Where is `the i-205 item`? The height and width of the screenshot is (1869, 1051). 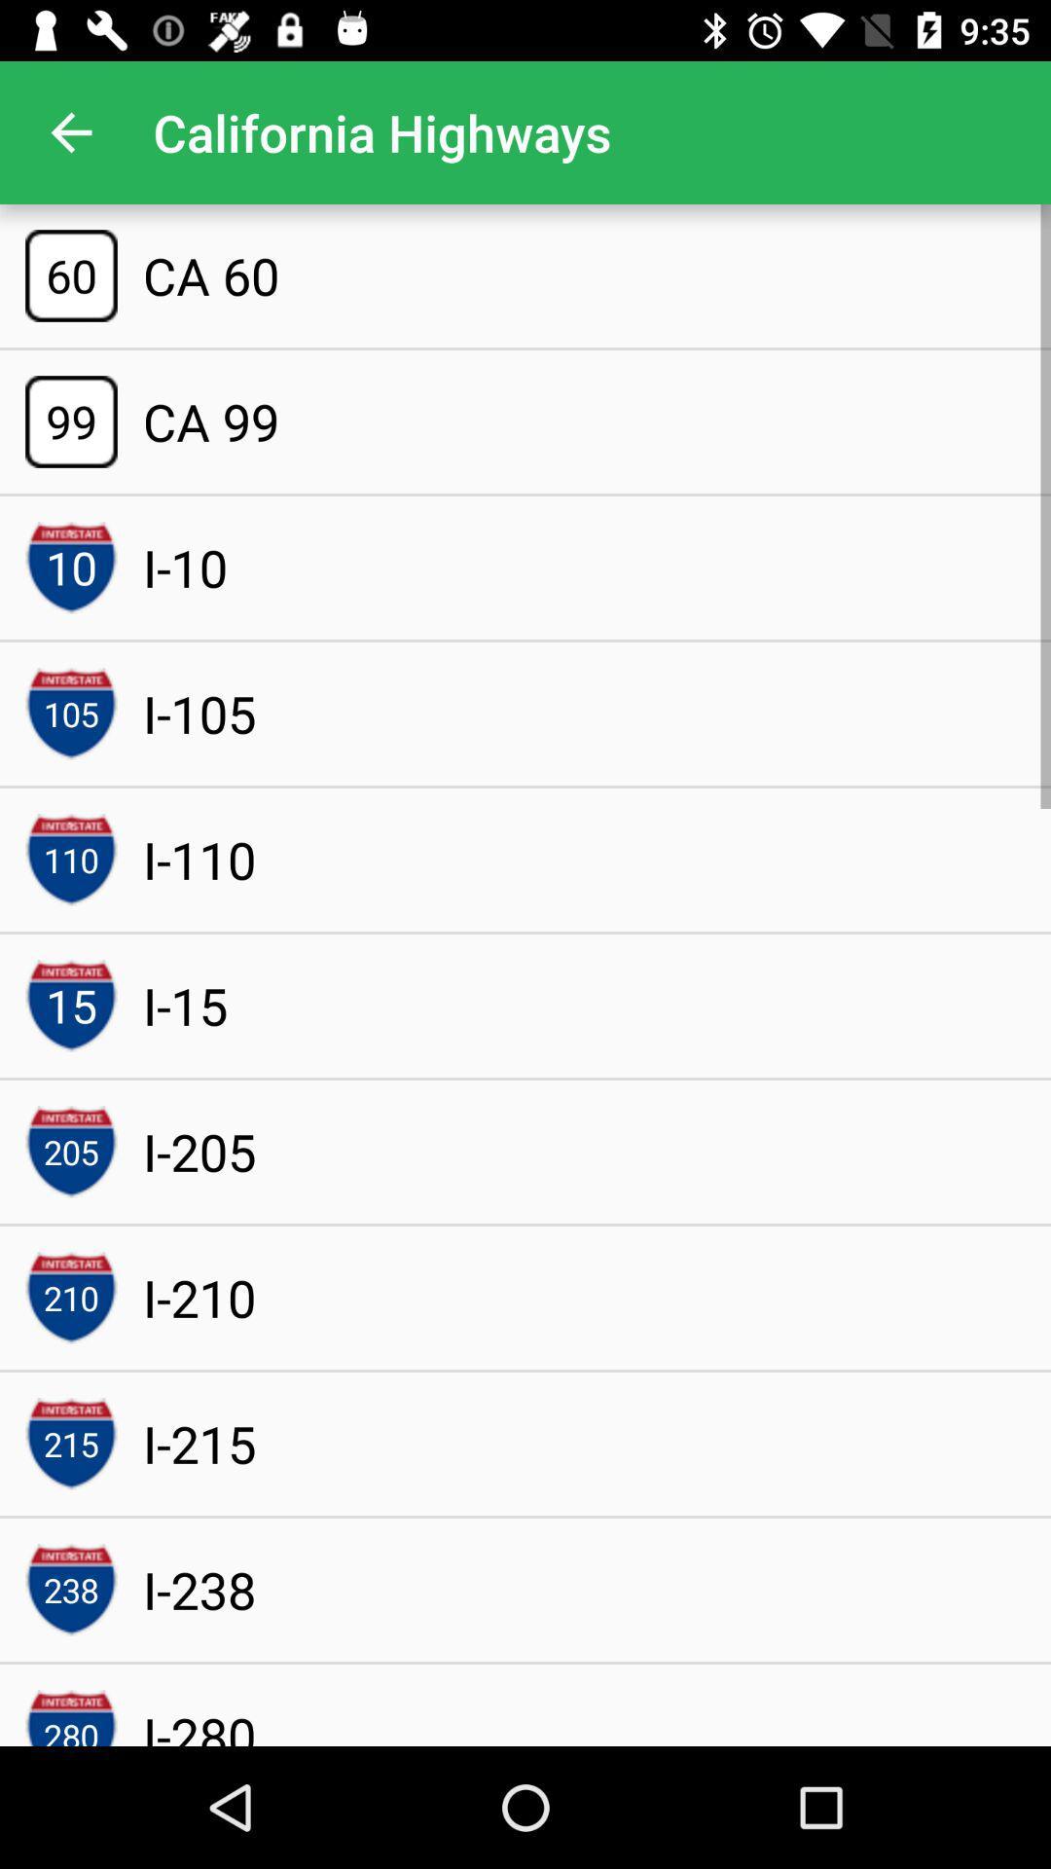 the i-205 item is located at coordinates (199, 1152).